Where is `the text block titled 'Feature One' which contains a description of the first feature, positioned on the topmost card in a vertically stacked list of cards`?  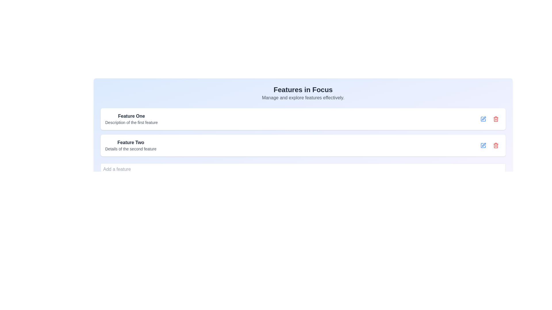
the text block titled 'Feature One' which contains a description of the first feature, positioned on the topmost card in a vertically stacked list of cards is located at coordinates (131, 119).